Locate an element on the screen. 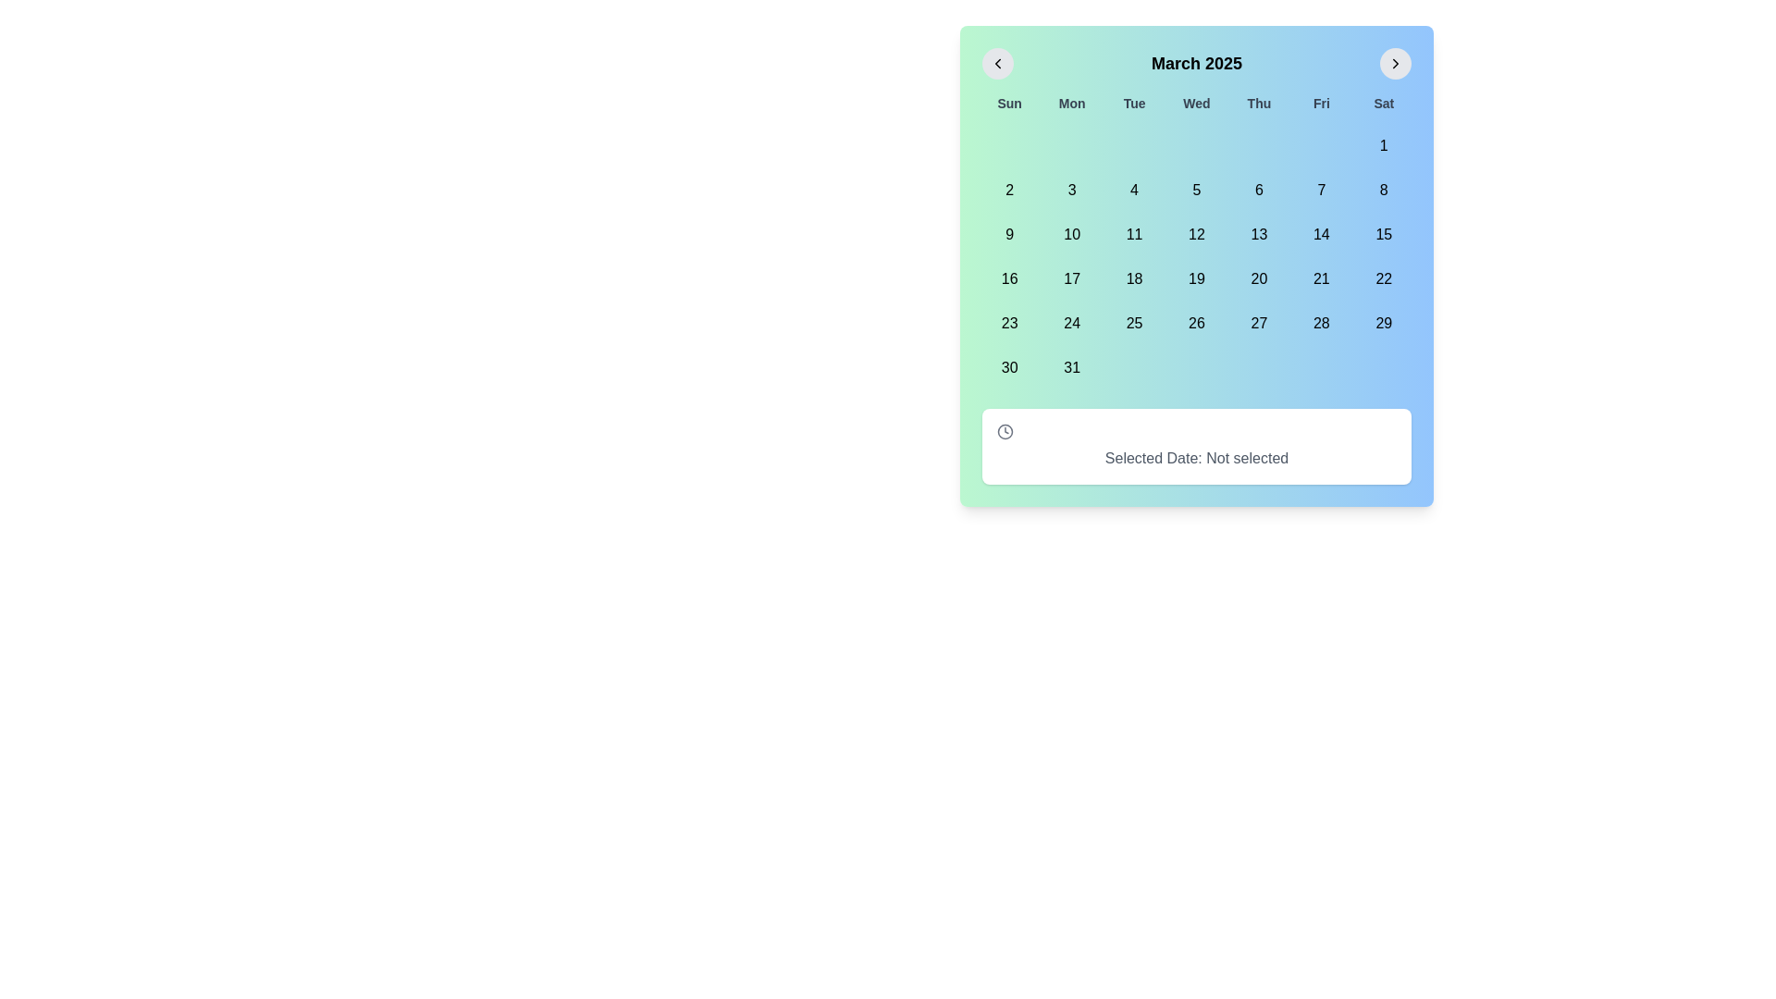  the small circular dot located in the top-left corner of the calendar grid above the number '2' in the 'Sun' column is located at coordinates (1008, 145).